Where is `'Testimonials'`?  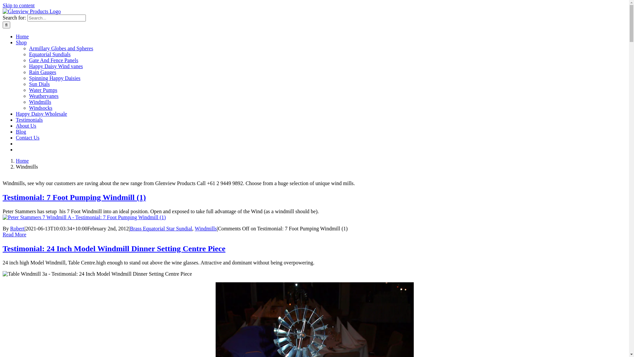 'Testimonials' is located at coordinates (29, 120).